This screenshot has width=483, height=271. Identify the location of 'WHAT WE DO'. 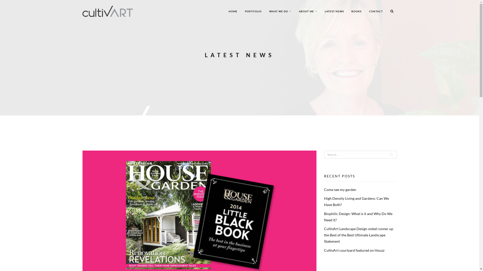
(280, 11).